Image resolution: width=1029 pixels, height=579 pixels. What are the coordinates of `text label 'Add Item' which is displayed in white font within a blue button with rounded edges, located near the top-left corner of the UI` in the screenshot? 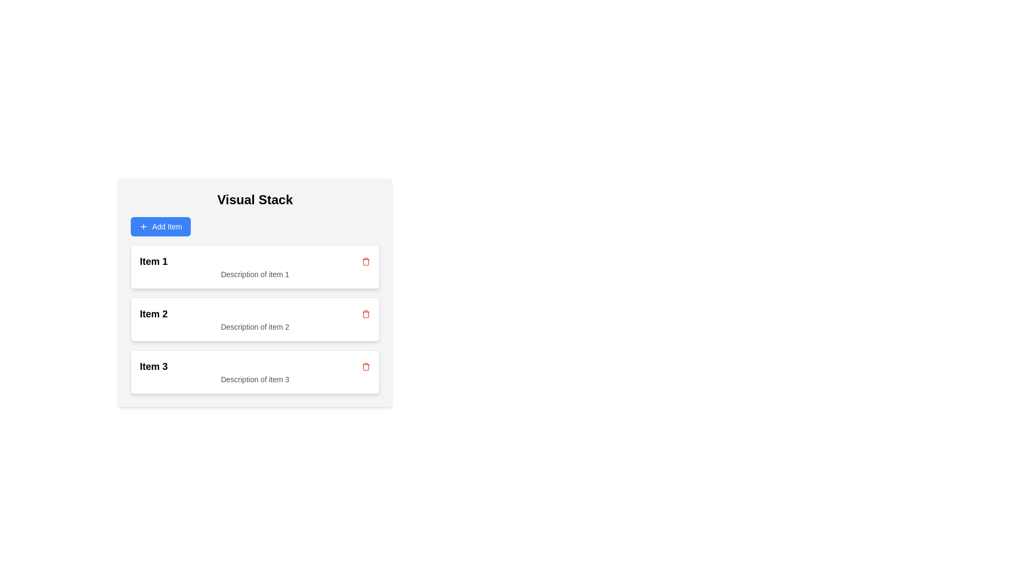 It's located at (167, 226).